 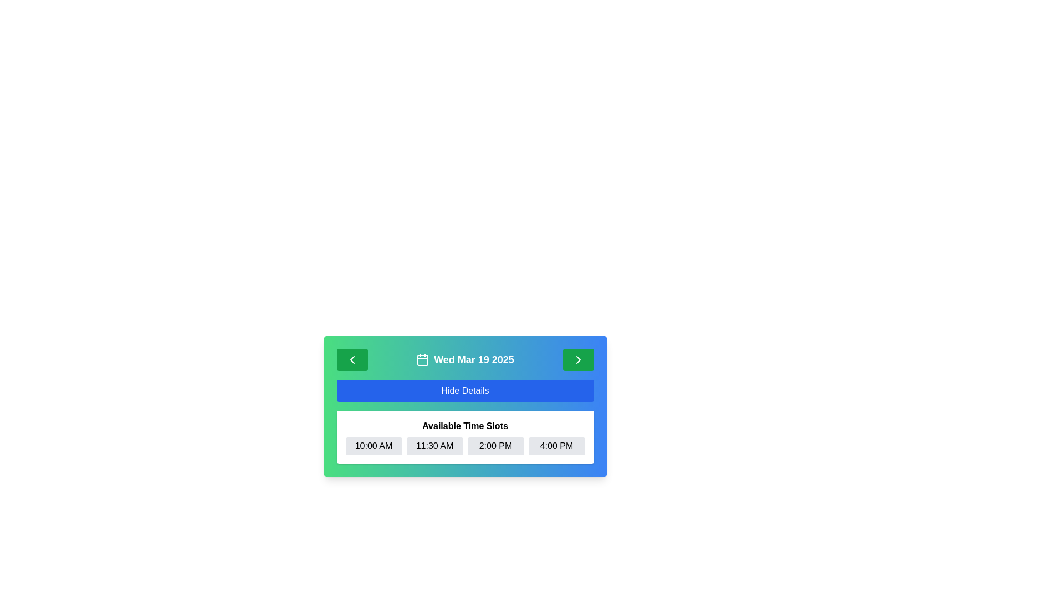 I want to click on the calendar icon component, which is a rectangular area of the calendar body situated between two arrow buttons on the top bar of the interface, so click(x=422, y=360).